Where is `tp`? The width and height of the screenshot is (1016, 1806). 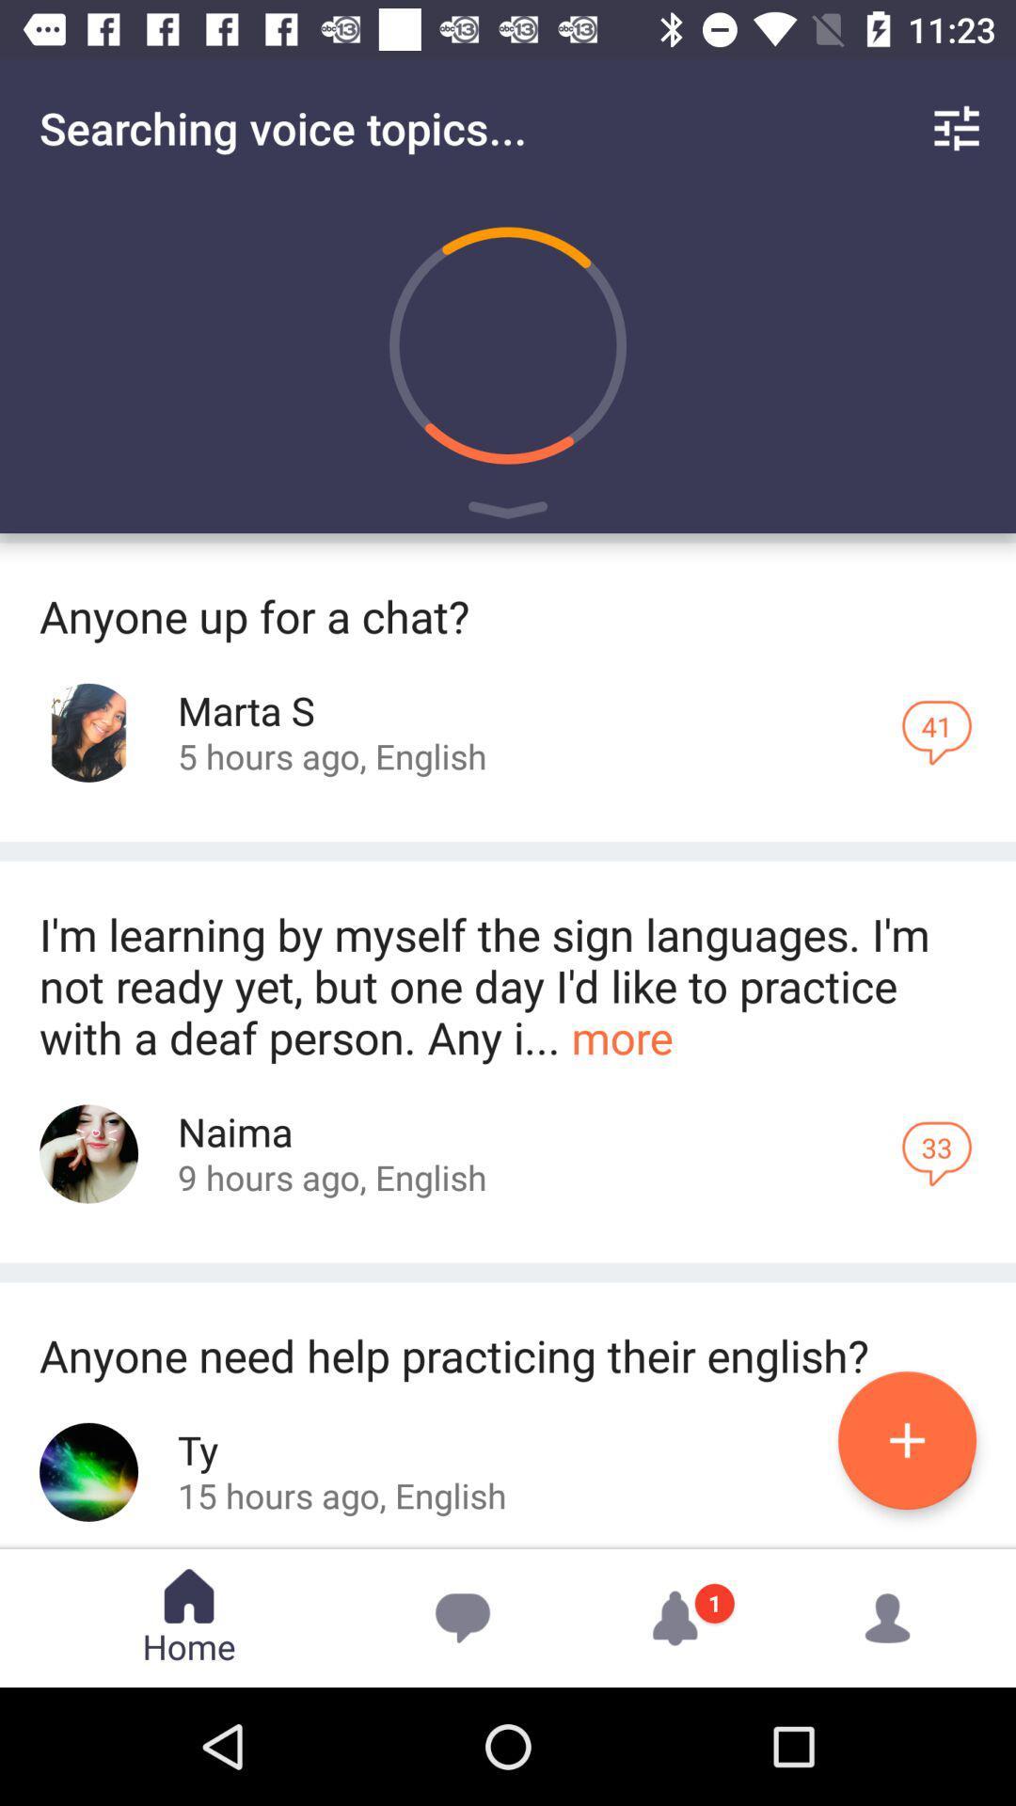 tp is located at coordinates (88, 1471).